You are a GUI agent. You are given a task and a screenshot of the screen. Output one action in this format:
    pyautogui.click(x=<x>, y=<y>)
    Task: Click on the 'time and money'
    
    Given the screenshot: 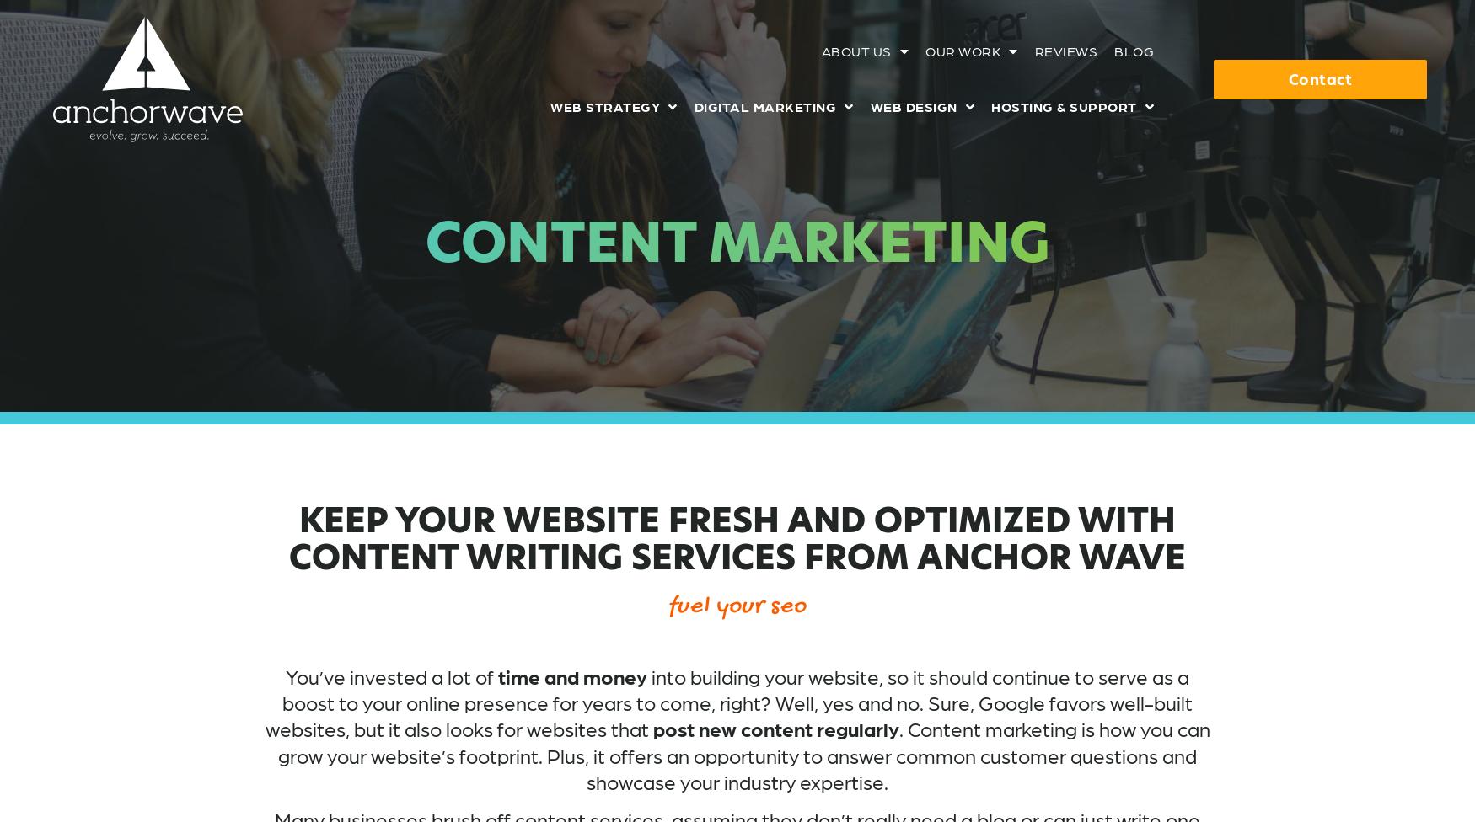 What is the action you would take?
    pyautogui.click(x=571, y=675)
    